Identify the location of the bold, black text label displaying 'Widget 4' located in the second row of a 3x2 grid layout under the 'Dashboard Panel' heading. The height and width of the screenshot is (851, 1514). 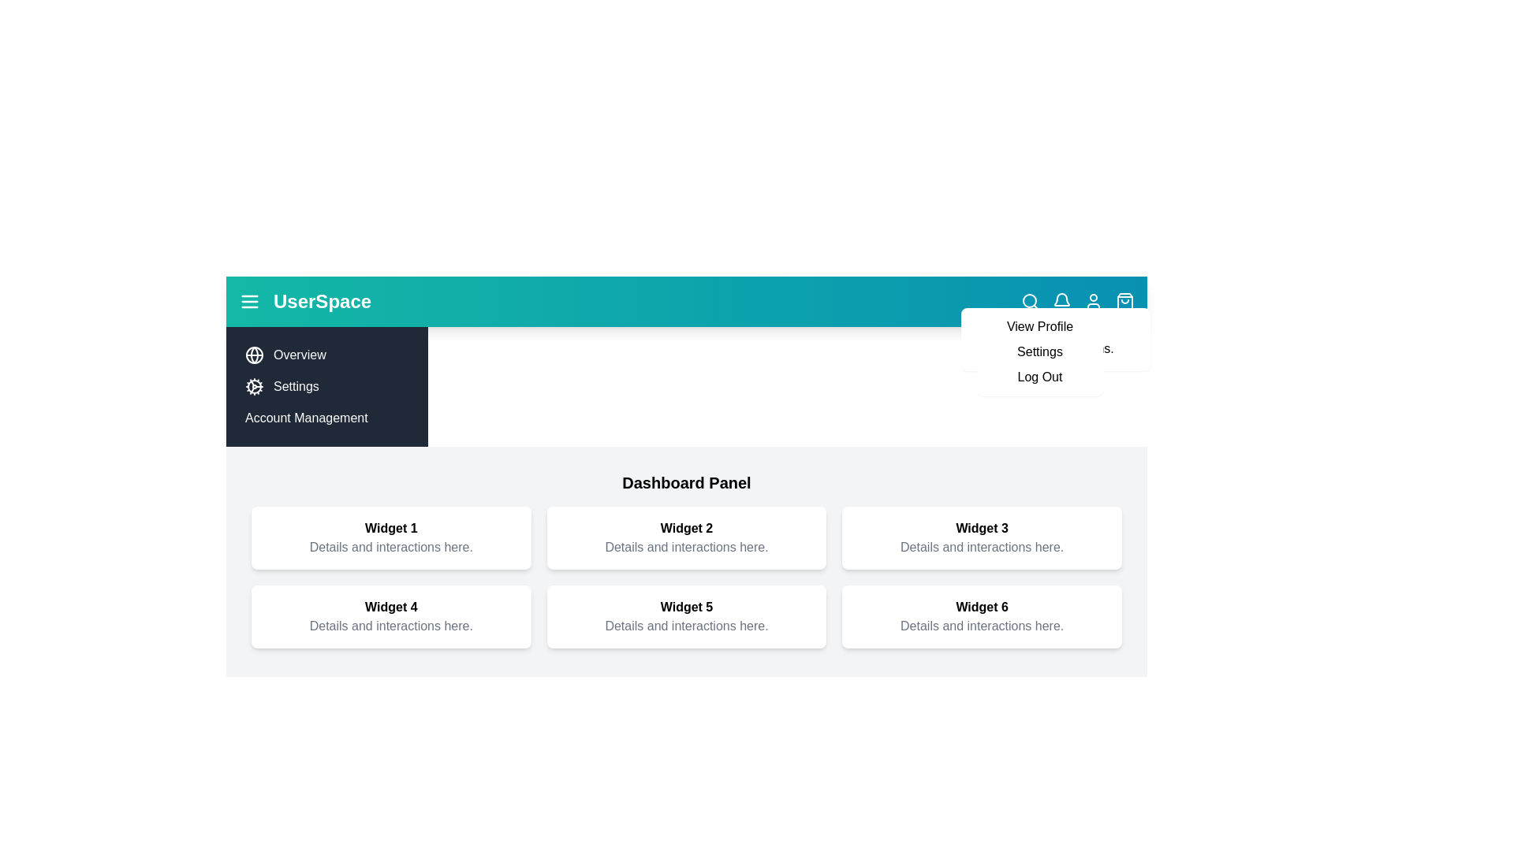
(391, 607).